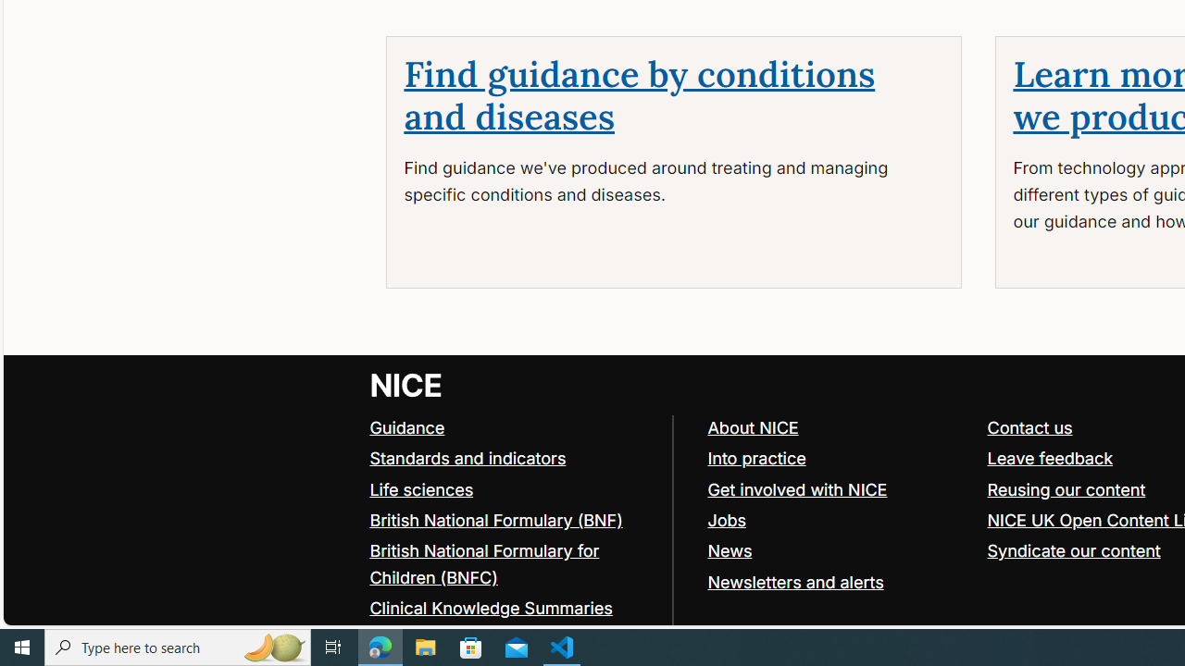 The image size is (1185, 666). Describe the element at coordinates (797, 487) in the screenshot. I see `'Get involved with NICE'` at that location.